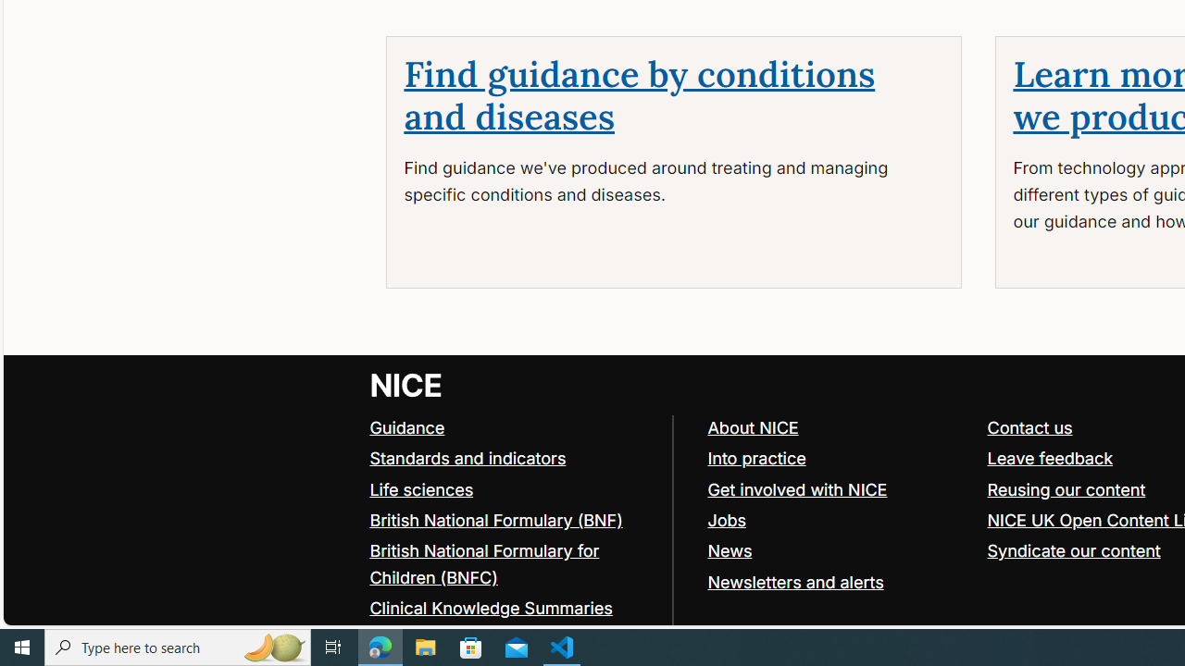 The image size is (1185, 666). Describe the element at coordinates (797, 487) in the screenshot. I see `'Get involved with NICE'` at that location.